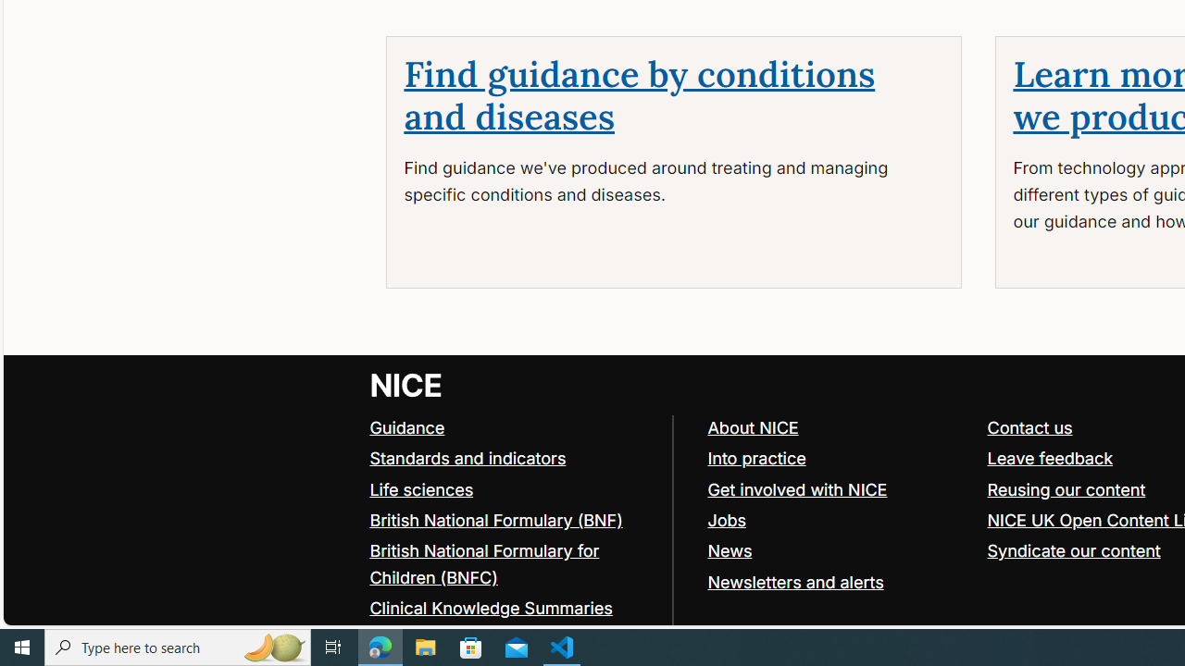 The image size is (1185, 666). Describe the element at coordinates (797, 487) in the screenshot. I see `'Get involved with NICE'` at that location.